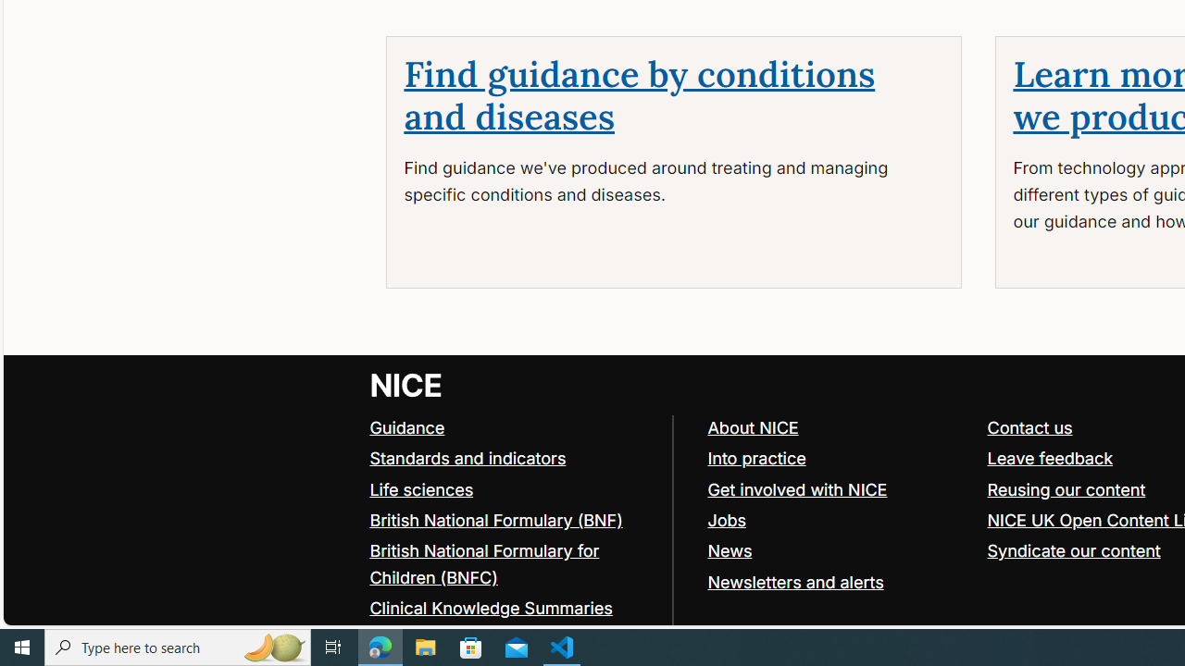 The image size is (1185, 666). Describe the element at coordinates (797, 487) in the screenshot. I see `'Get involved with NICE'` at that location.